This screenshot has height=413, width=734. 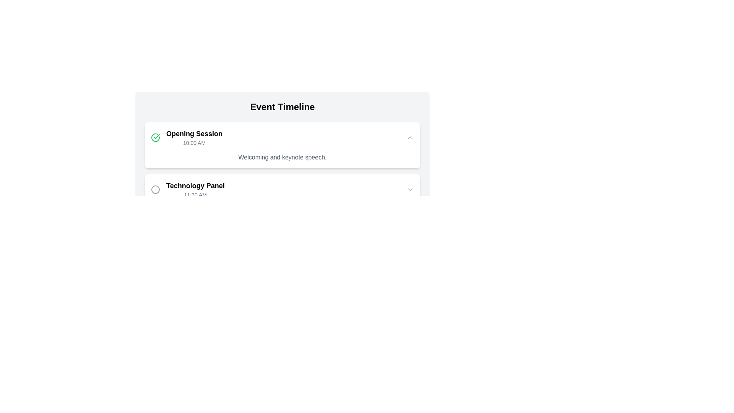 What do you see at coordinates (155, 189) in the screenshot?
I see `the circular icon with a gray border located to the left of the 'Technology Panel' text in the event timeline, which describes a panel at 11:30 AM` at bounding box center [155, 189].